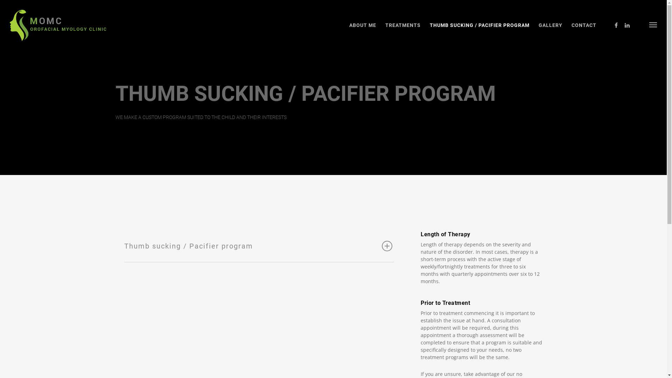 The height and width of the screenshot is (378, 672). Describe the element at coordinates (479, 30) in the screenshot. I see `'THUMB SUCKING / PACIFIER PROGRAM'` at that location.